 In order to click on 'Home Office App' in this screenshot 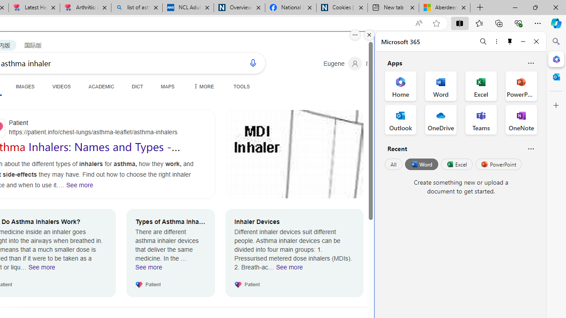, I will do `click(400, 86)`.